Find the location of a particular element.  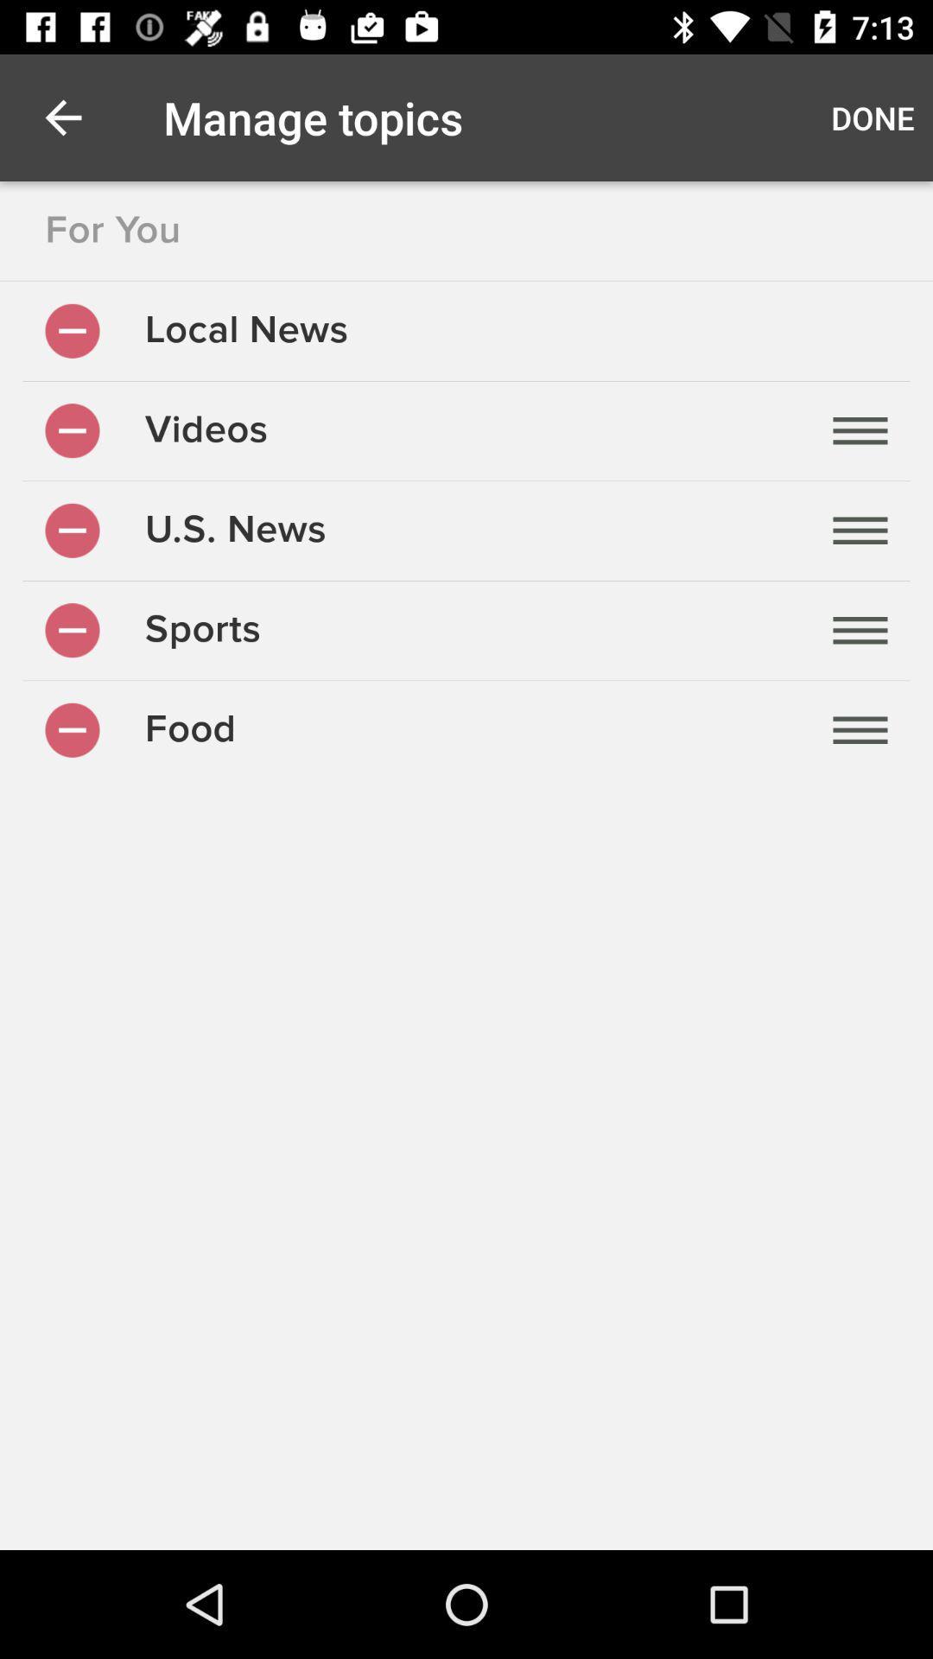

delete topic is located at coordinates (72, 530).